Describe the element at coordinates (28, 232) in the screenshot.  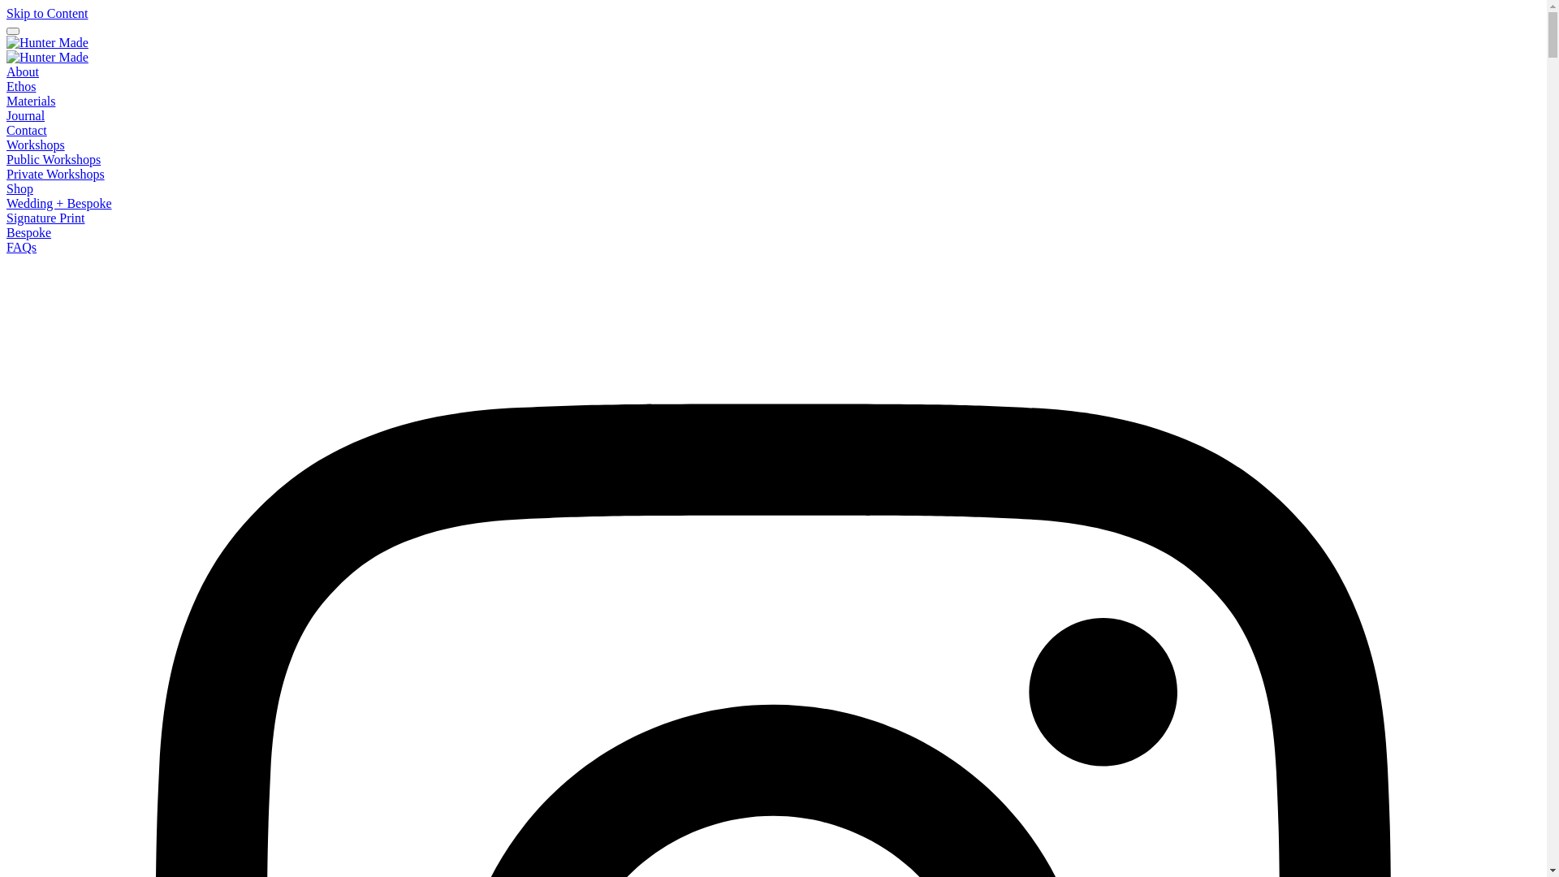
I see `'Bespoke'` at that location.